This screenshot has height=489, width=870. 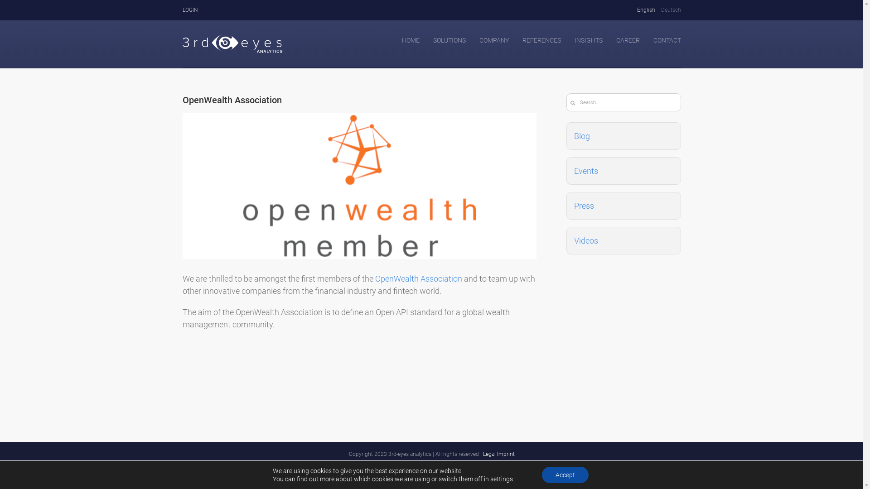 I want to click on 'Events', so click(x=585, y=171).